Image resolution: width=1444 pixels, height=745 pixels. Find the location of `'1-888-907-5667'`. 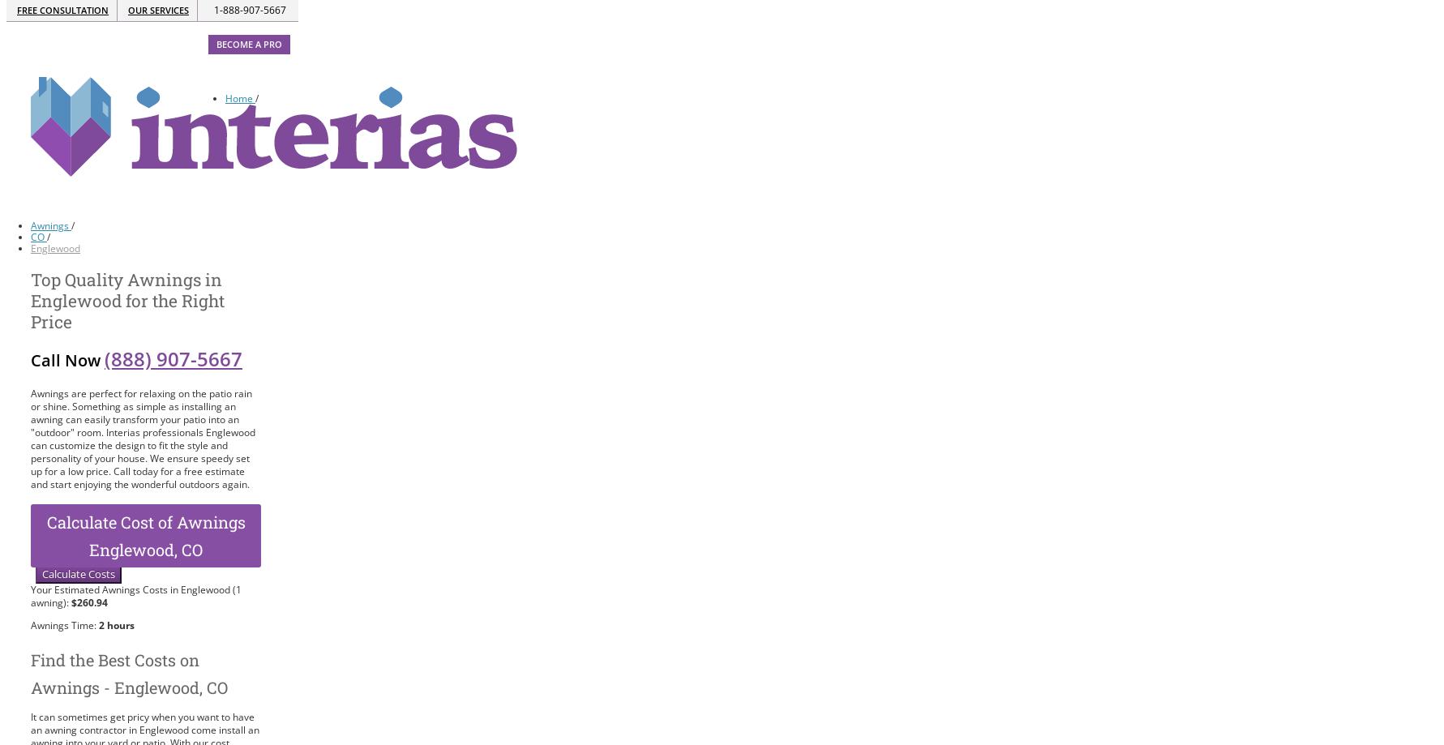

'1-888-907-5667' is located at coordinates (249, 10).